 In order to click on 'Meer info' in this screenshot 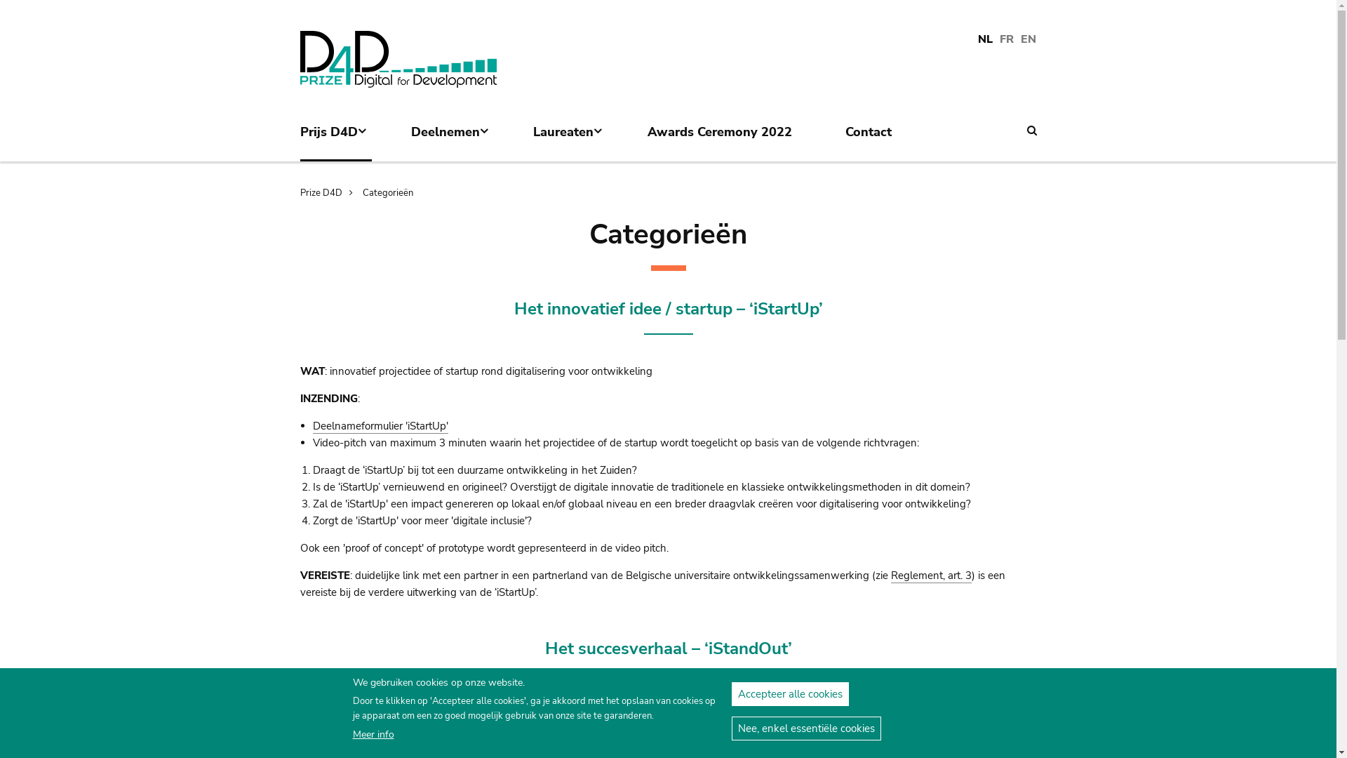, I will do `click(373, 733)`.